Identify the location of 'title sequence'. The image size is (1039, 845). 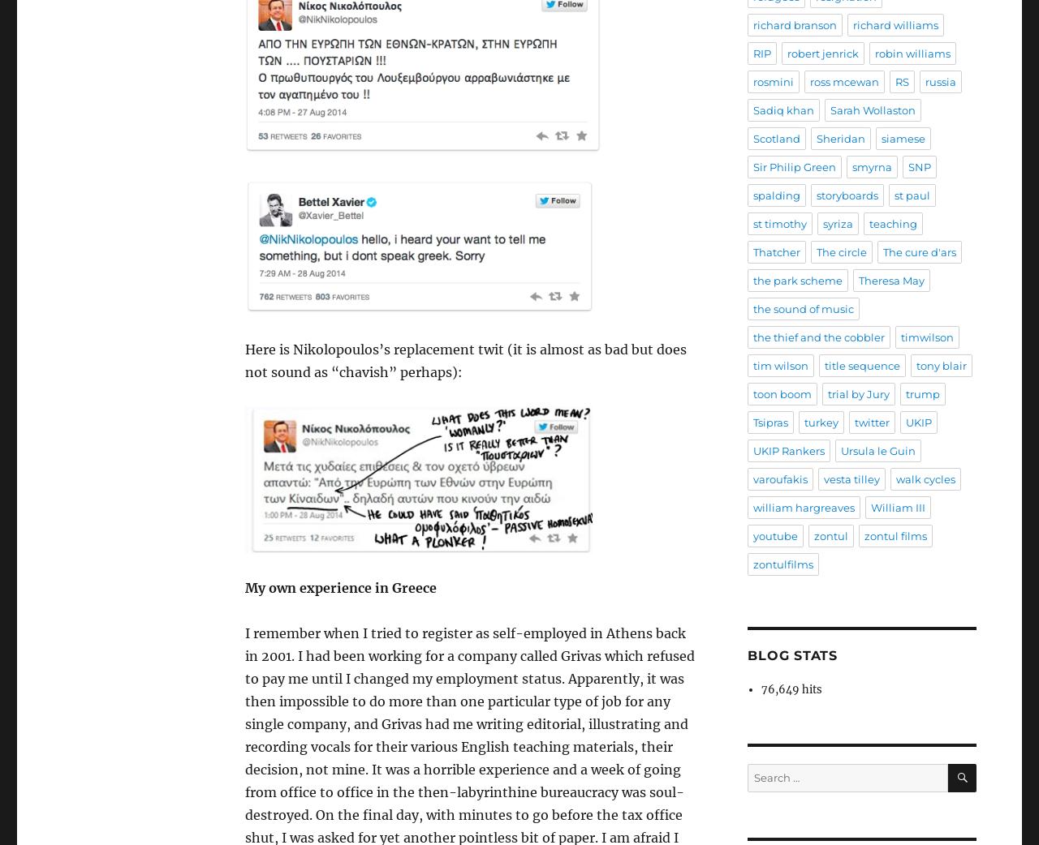
(861, 365).